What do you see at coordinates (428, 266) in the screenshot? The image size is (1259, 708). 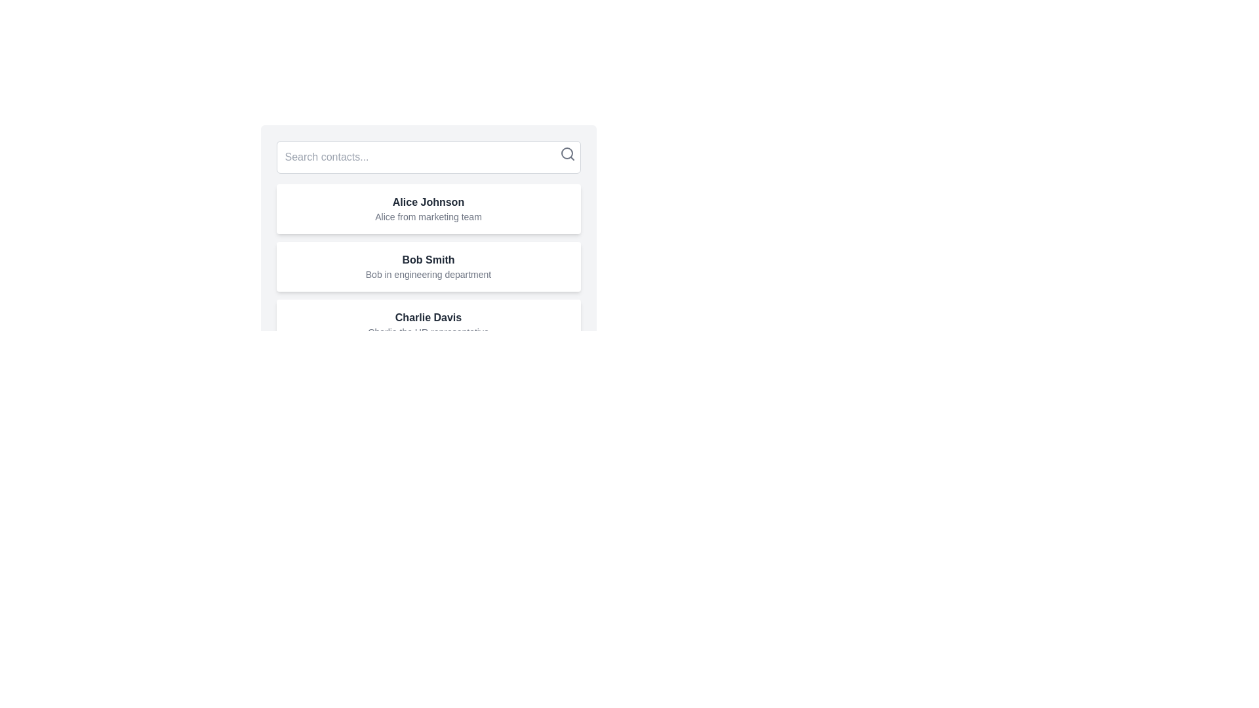 I see `the informative card representing 'Bob Smith', which is the second card in the vertically stacked list of individuals in the engineering department` at bounding box center [428, 266].